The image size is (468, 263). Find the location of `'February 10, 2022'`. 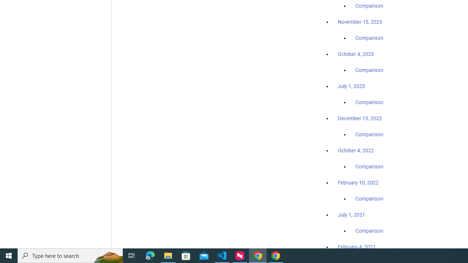

'February 10, 2022' is located at coordinates (358, 182).